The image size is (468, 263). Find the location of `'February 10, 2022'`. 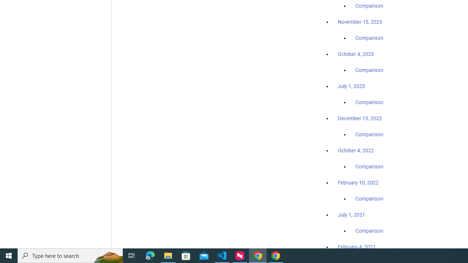

'February 10, 2022' is located at coordinates (358, 182).